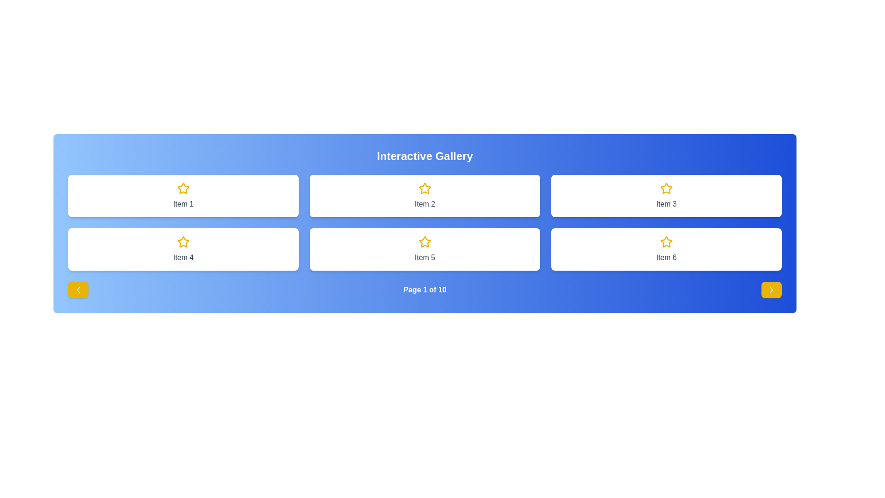 Image resolution: width=885 pixels, height=498 pixels. Describe the element at coordinates (424, 188) in the screenshot. I see `the star-shaped icon for Item 2, which is located at the top middle of the grid layout and has a golden-yellow stroke` at that location.